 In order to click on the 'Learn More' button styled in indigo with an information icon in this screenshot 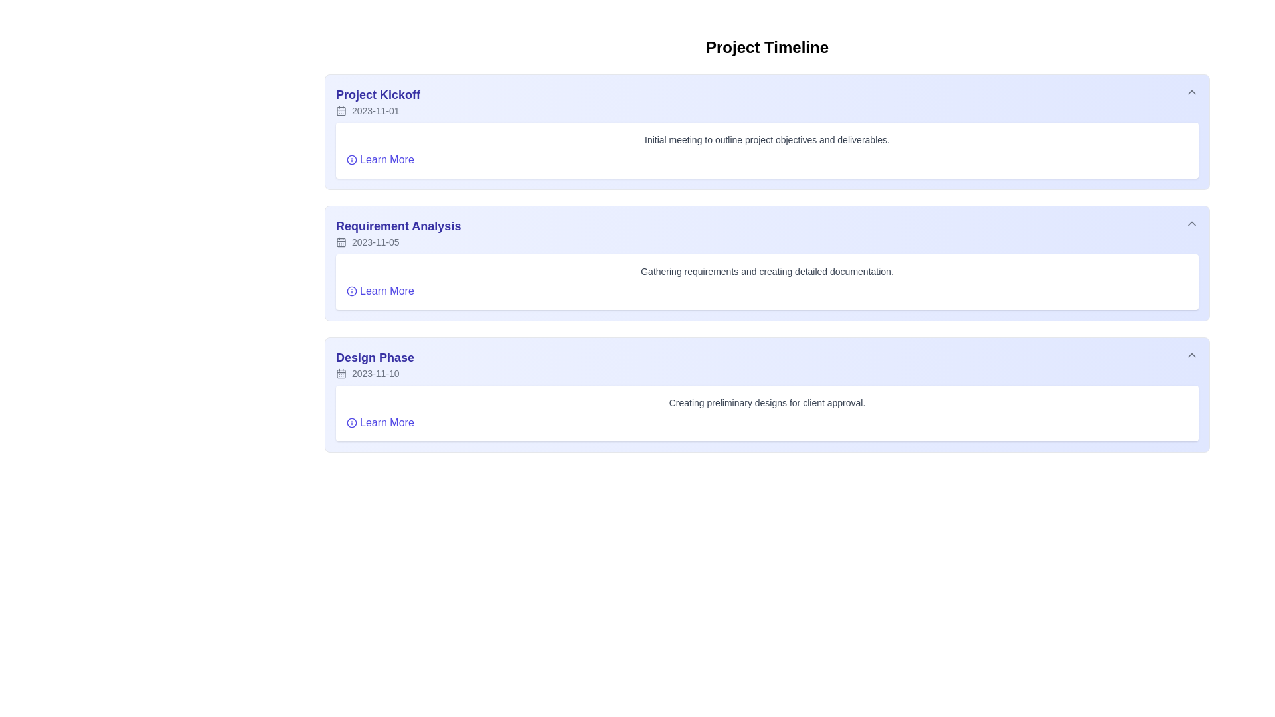, I will do `click(379, 159)`.